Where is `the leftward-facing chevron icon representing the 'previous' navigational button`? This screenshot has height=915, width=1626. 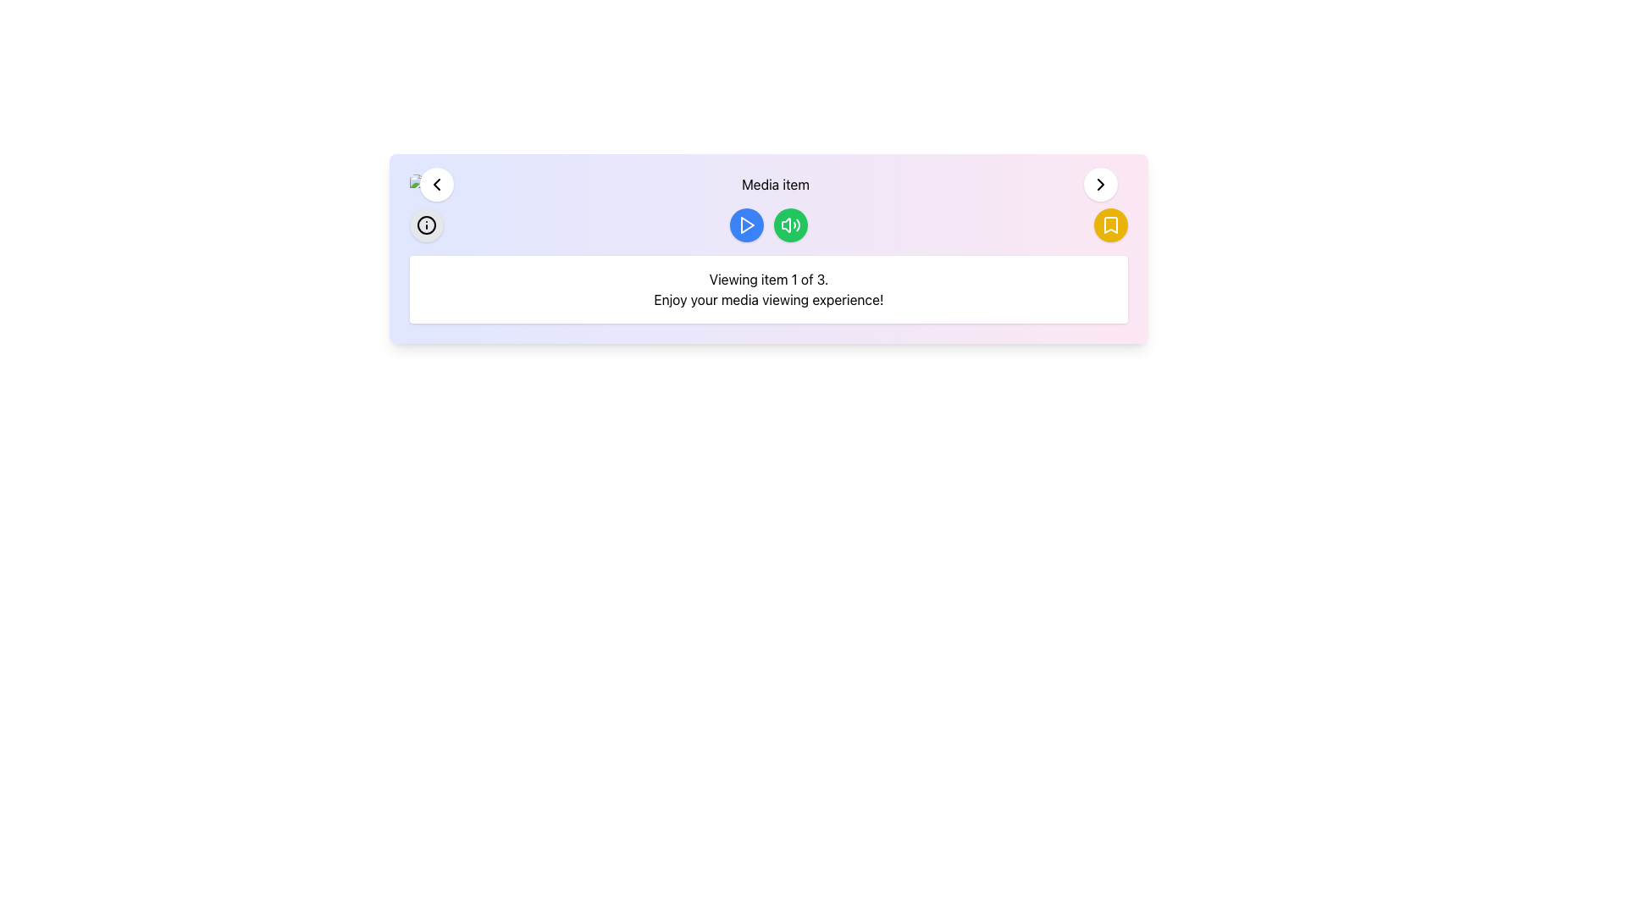
the leftward-facing chevron icon representing the 'previous' navigational button is located at coordinates (436, 185).